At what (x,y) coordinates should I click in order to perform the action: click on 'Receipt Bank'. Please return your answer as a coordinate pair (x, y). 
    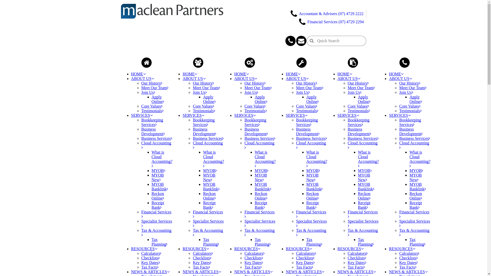
    Looking at the image, I should click on (209, 205).